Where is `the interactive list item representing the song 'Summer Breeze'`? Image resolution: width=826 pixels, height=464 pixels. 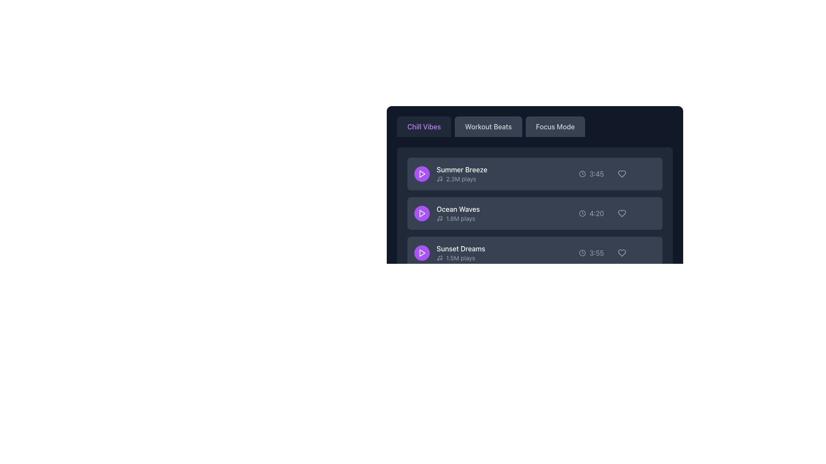
the interactive list item representing the song 'Summer Breeze' is located at coordinates (534, 174).